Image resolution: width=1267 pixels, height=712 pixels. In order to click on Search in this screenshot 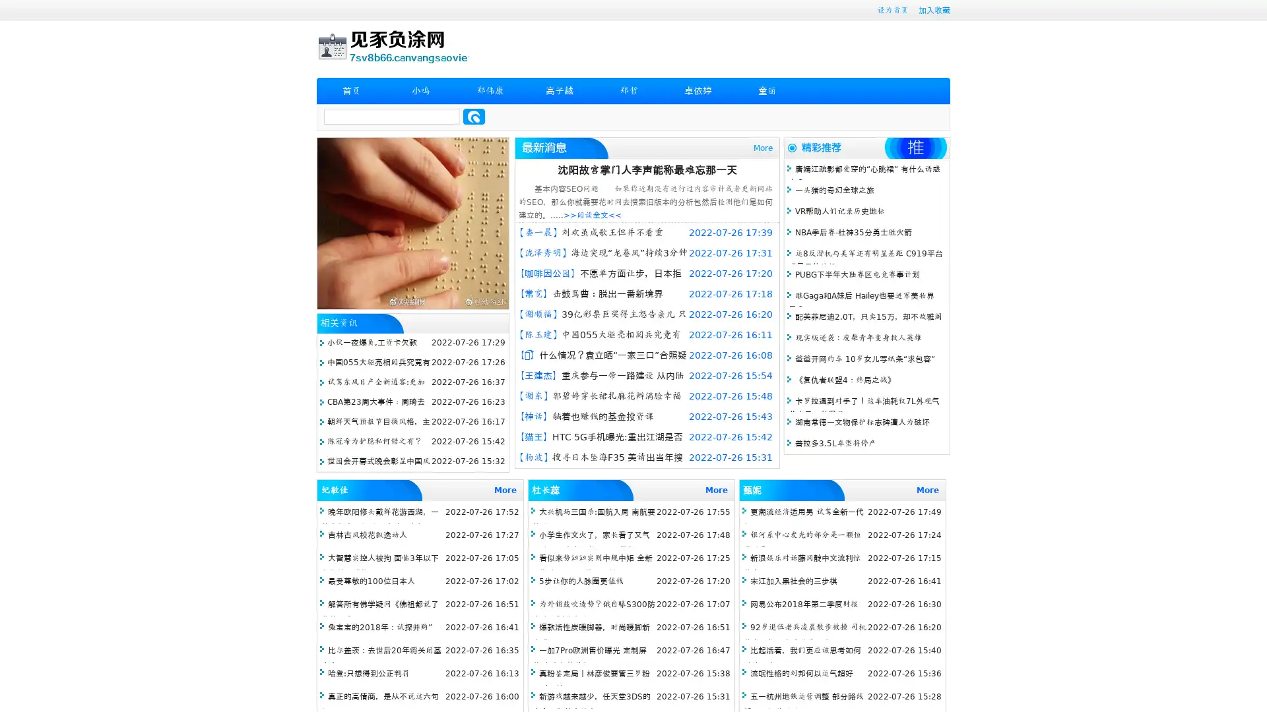, I will do `click(474, 116)`.